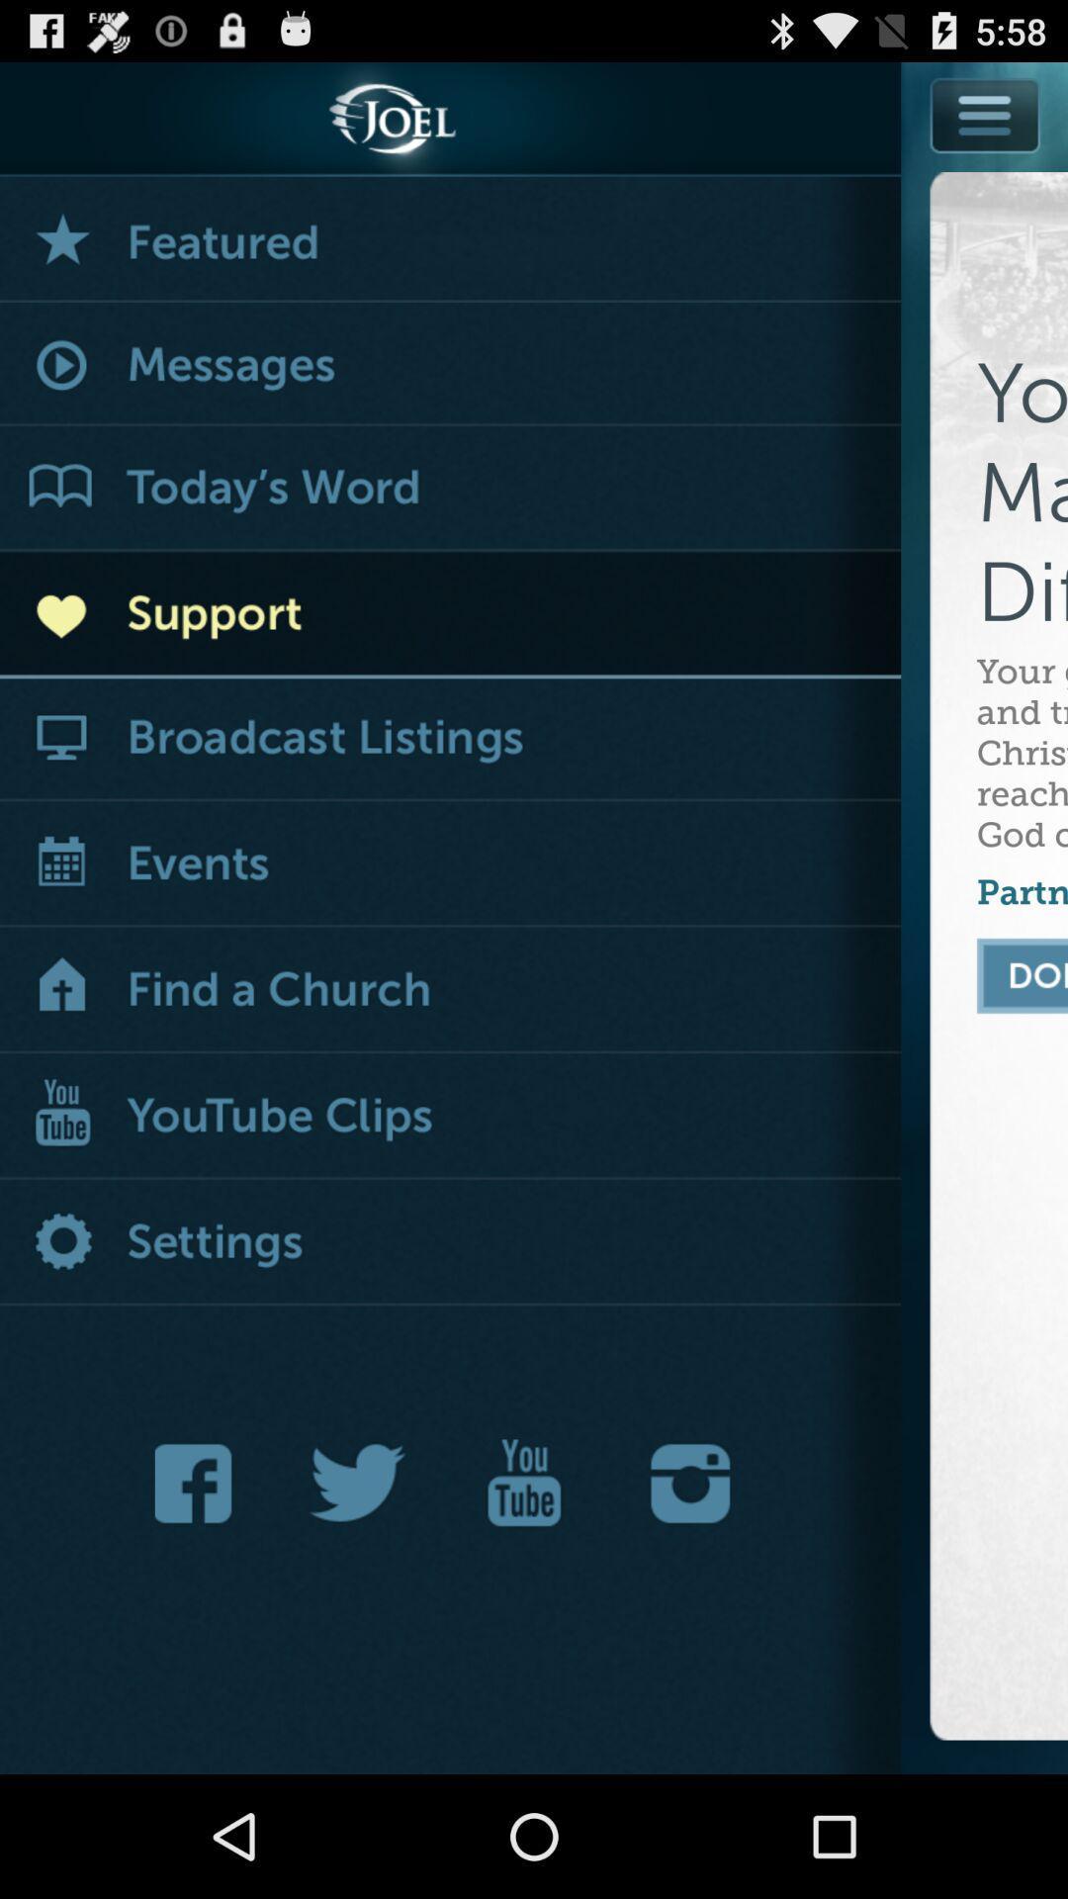  Describe the element at coordinates (199, 1483) in the screenshot. I see `the icon at the bottom left corner` at that location.